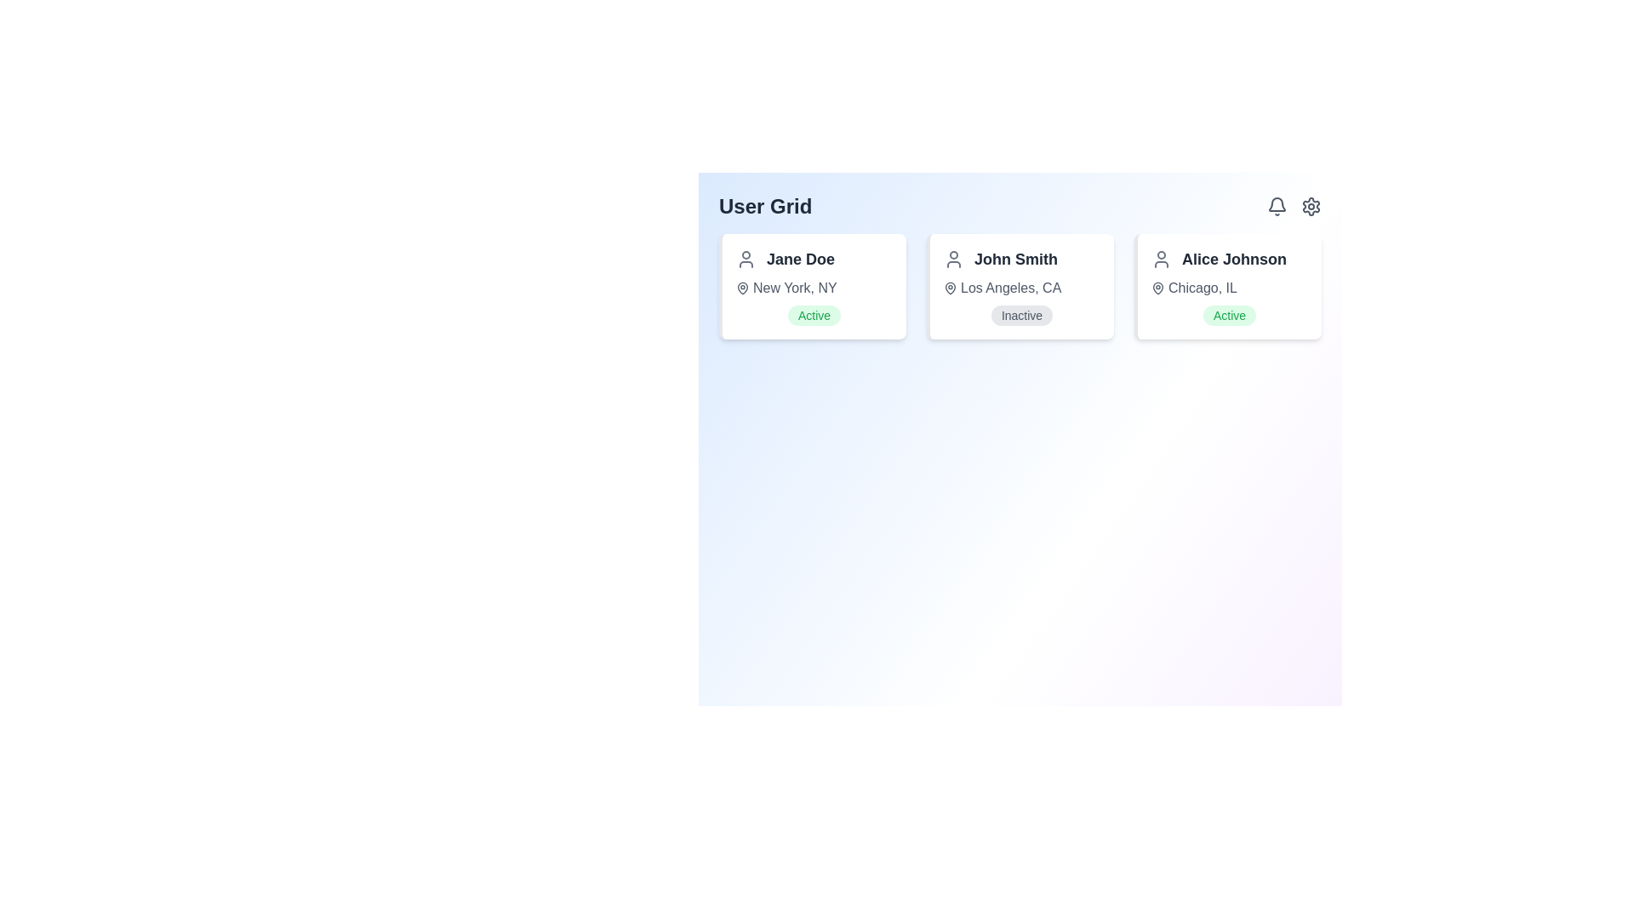  What do you see at coordinates (1020, 285) in the screenshot?
I see `the card displaying 'John Smith' with the status 'Inactive' located in the center column of the 'User Grid'` at bounding box center [1020, 285].